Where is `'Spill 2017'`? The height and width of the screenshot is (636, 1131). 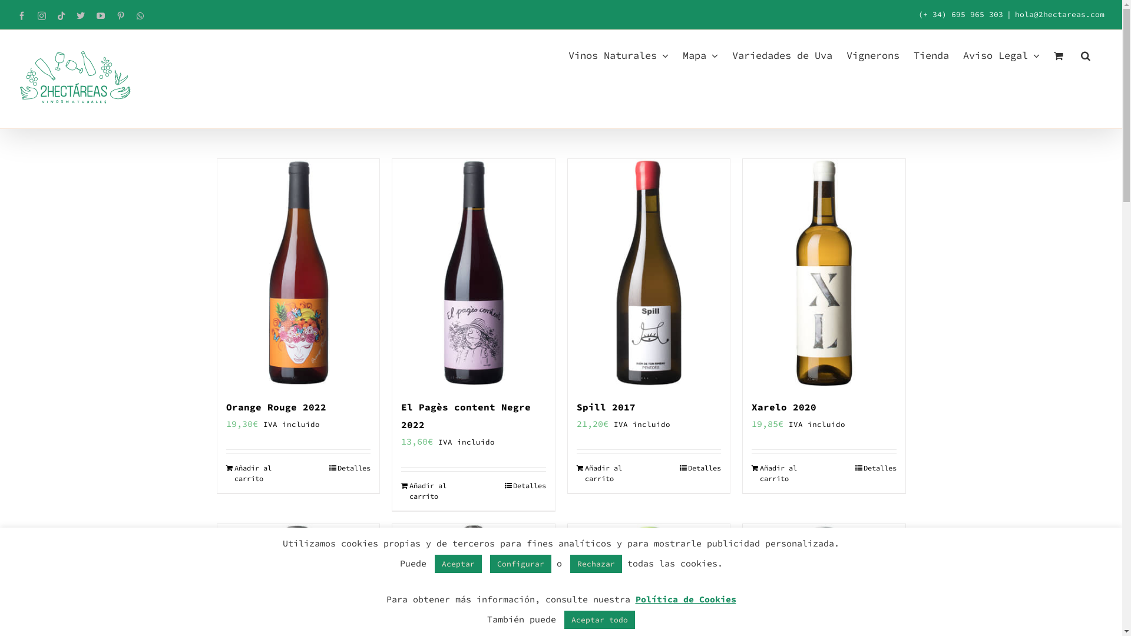
'Spill 2017' is located at coordinates (605, 406).